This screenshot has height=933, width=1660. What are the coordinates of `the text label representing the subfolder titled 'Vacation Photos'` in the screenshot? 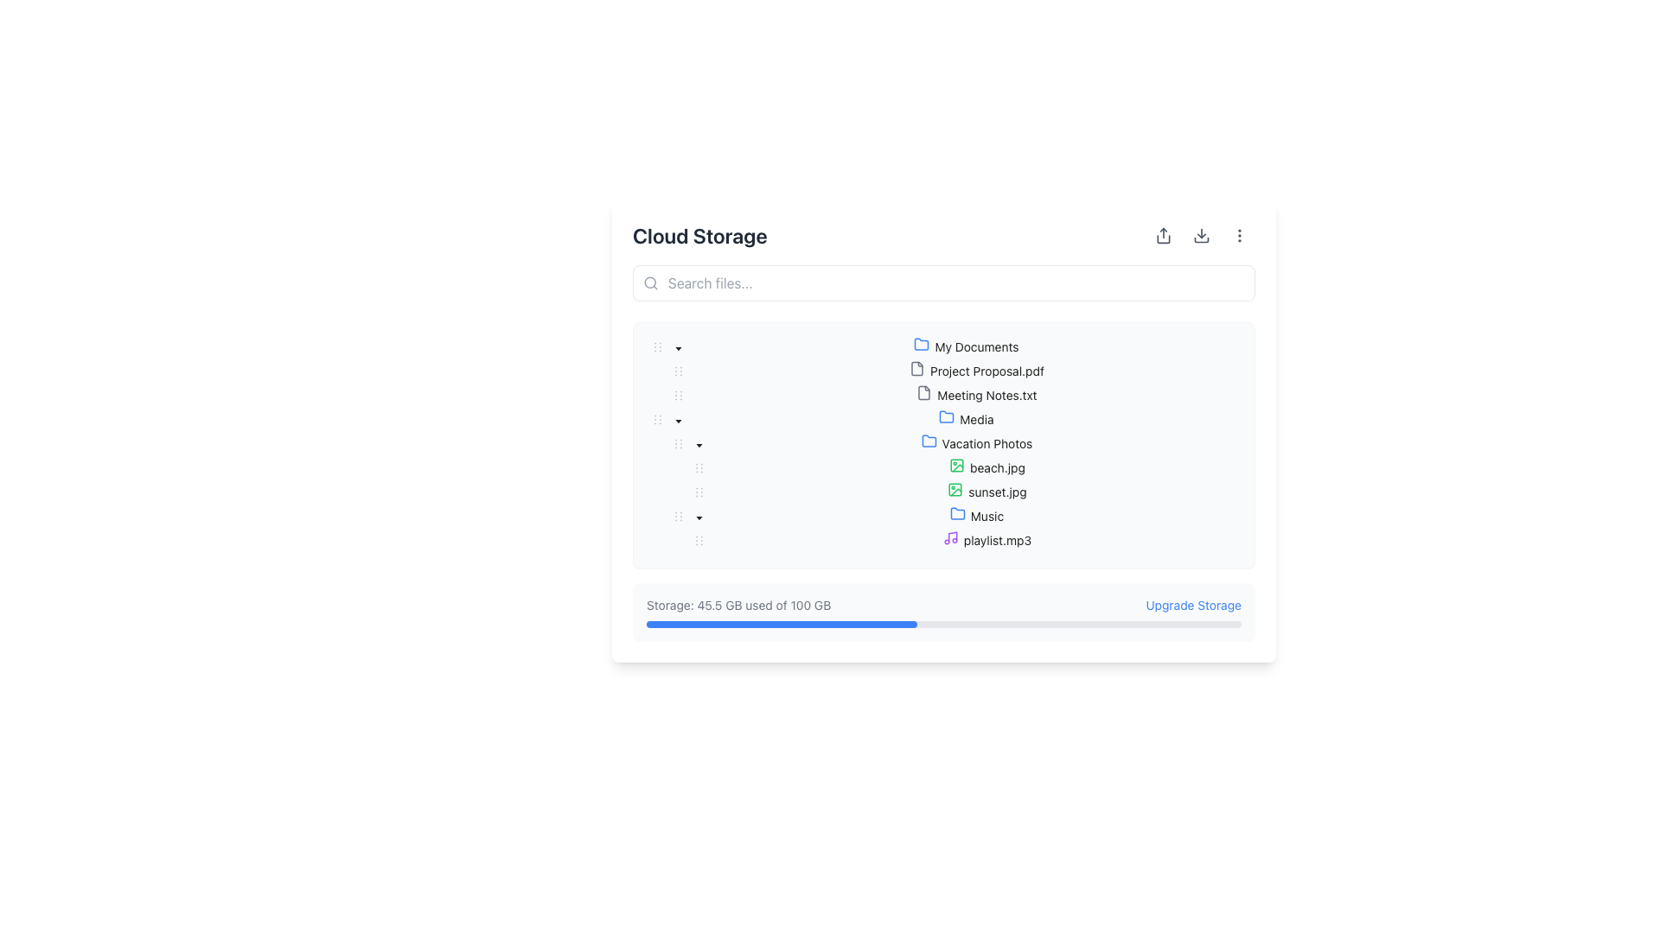 It's located at (987, 442).